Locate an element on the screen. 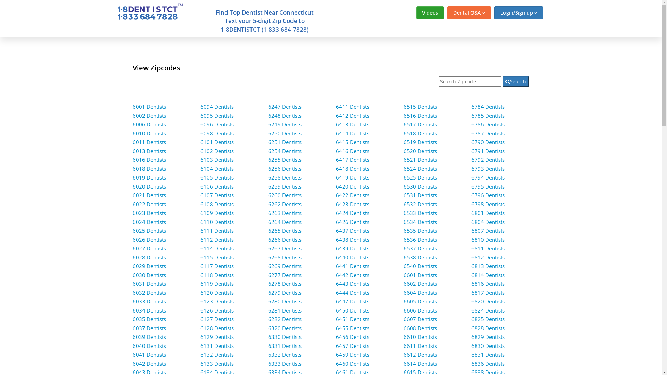 The height and width of the screenshot is (375, 667). '6277 Dentists' is located at coordinates (285, 274).